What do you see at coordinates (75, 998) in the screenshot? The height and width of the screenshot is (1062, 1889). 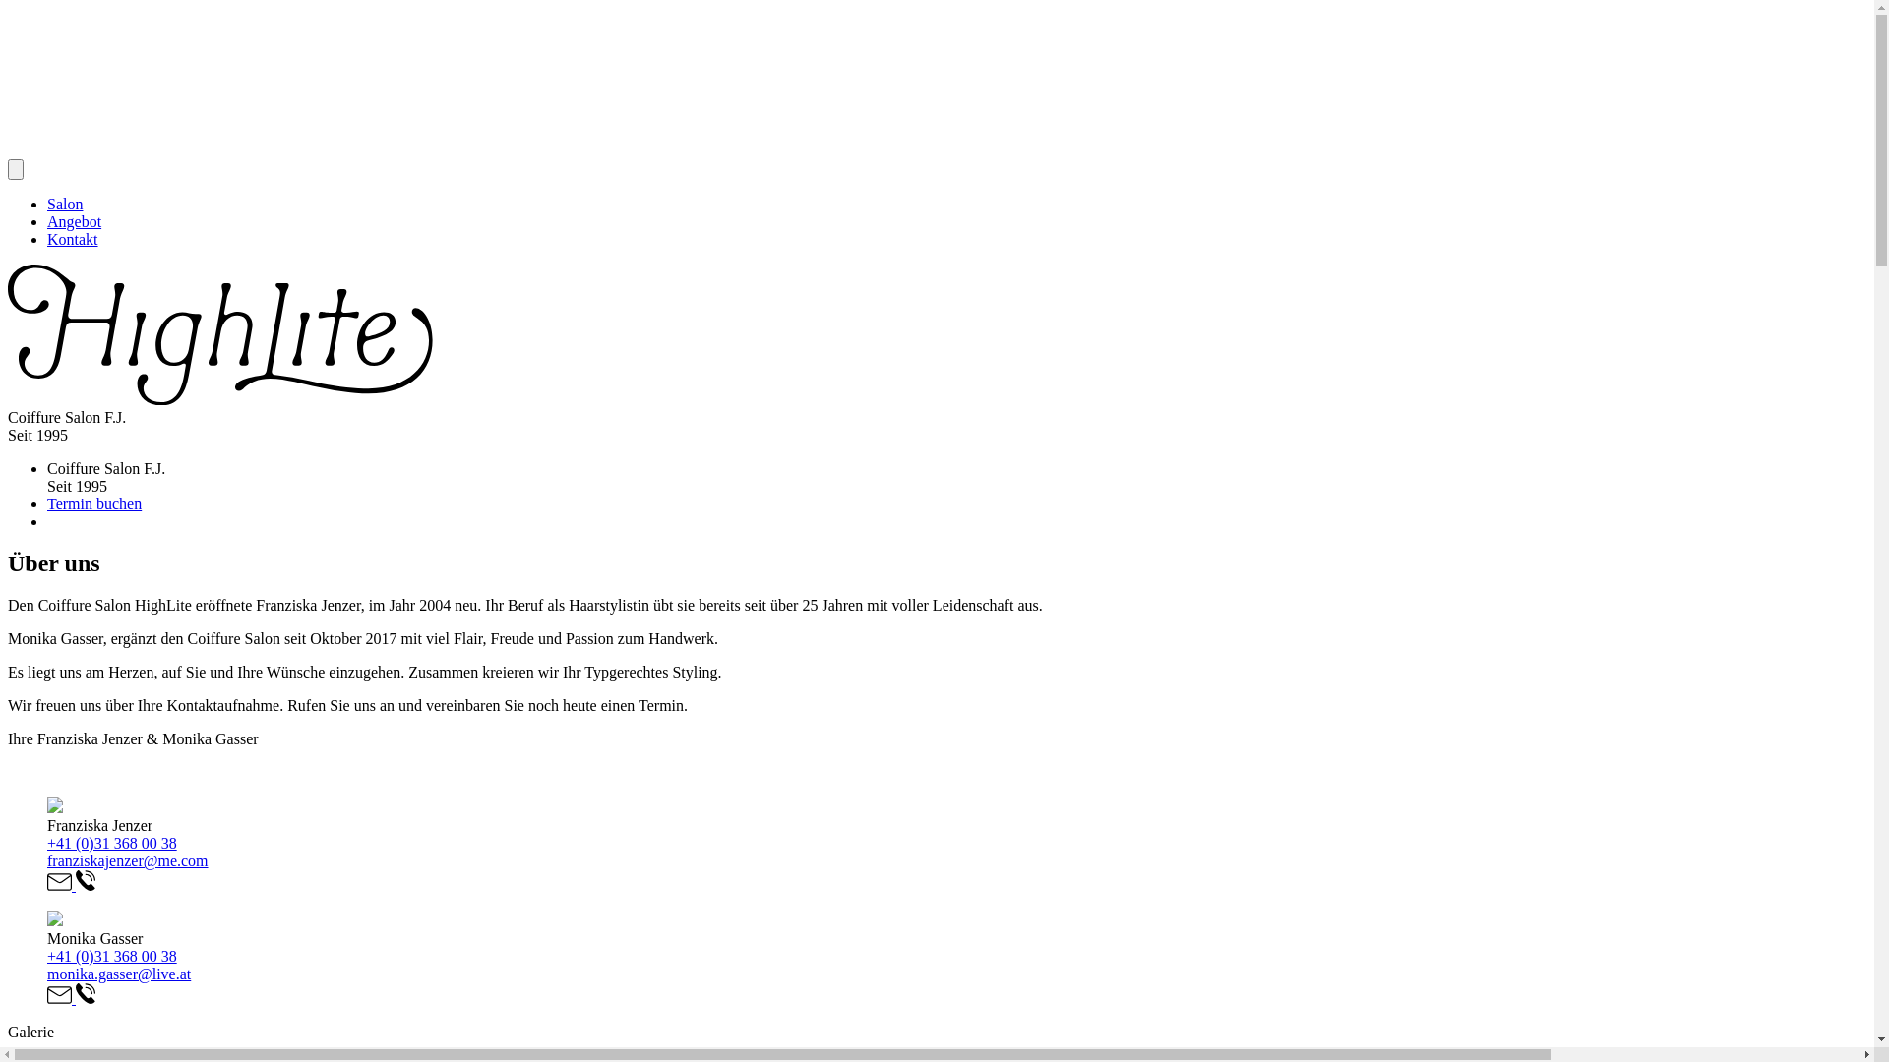 I see `'Telefon Monika Gasser'` at bounding box center [75, 998].